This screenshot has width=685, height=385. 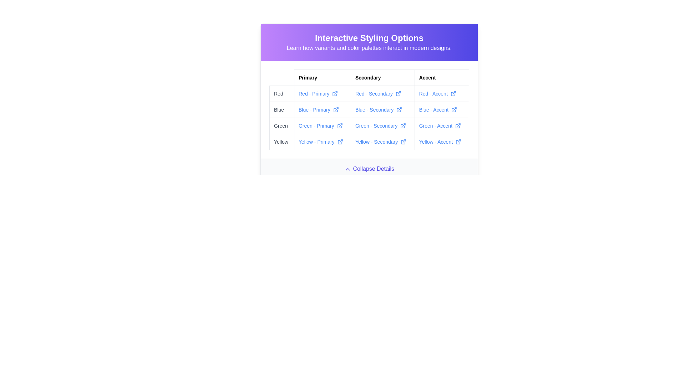 I want to click on the 'Green - Primary' hyperlink with an external link indicator, so click(x=322, y=125).